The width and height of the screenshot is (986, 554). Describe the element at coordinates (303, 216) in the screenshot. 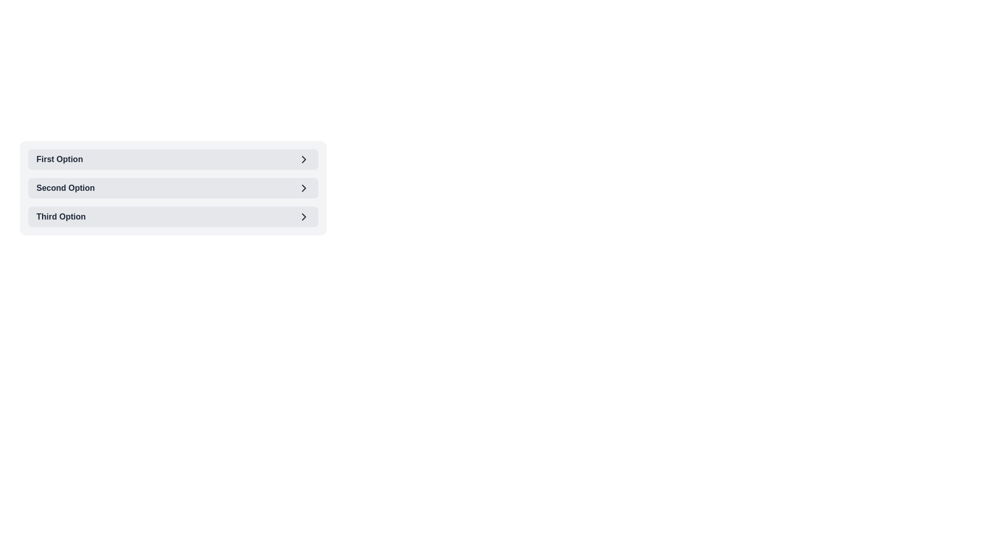

I see `the chevron icon located at the far right edge of the third row labeled 'Third Option' to interact with it` at that location.